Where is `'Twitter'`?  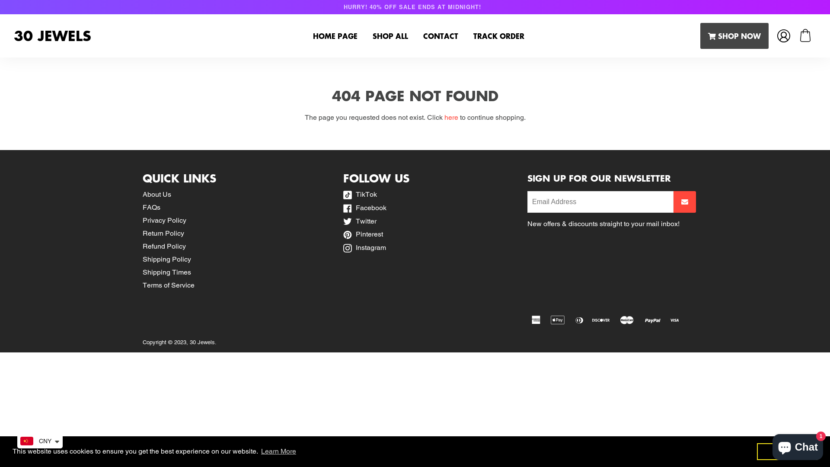 'Twitter' is located at coordinates (360, 221).